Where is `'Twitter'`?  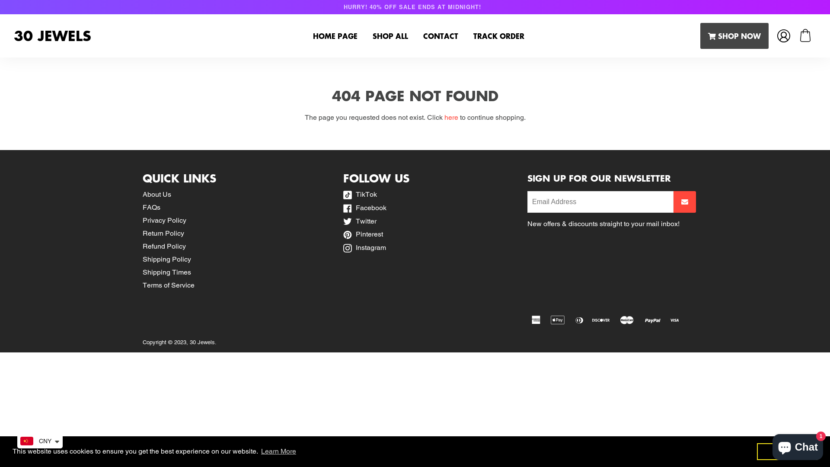 'Twitter' is located at coordinates (360, 221).